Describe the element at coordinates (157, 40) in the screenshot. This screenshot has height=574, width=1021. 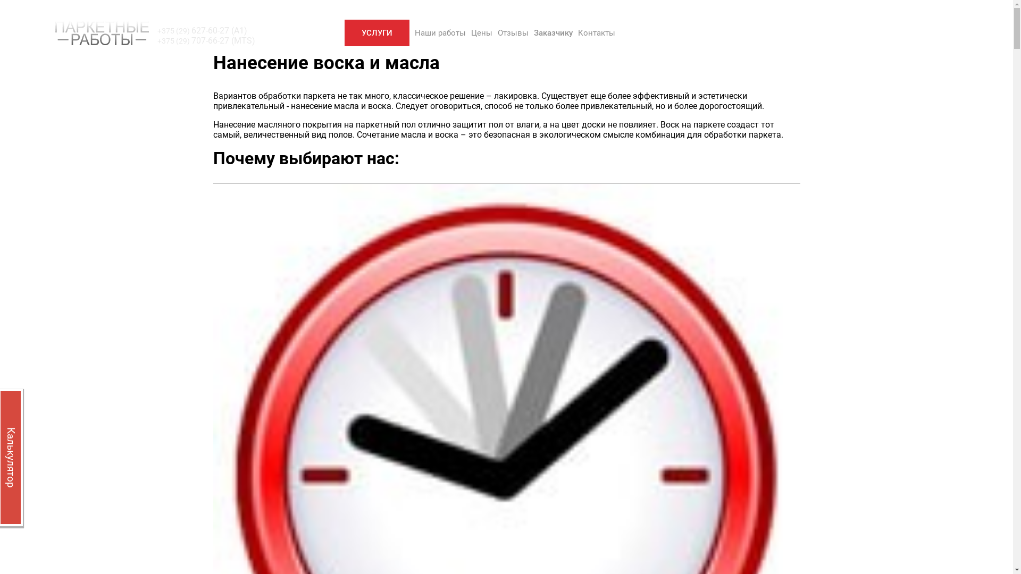
I see `'+375 (29) 707-66-27 (MTS)'` at that location.